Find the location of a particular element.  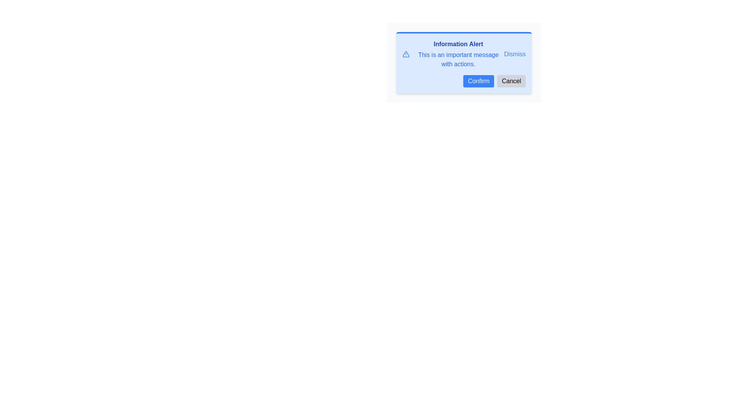

the triangular icon with a blue outline located near the left of the text 'This is an important message' within the blue alert box is located at coordinates (405, 54).